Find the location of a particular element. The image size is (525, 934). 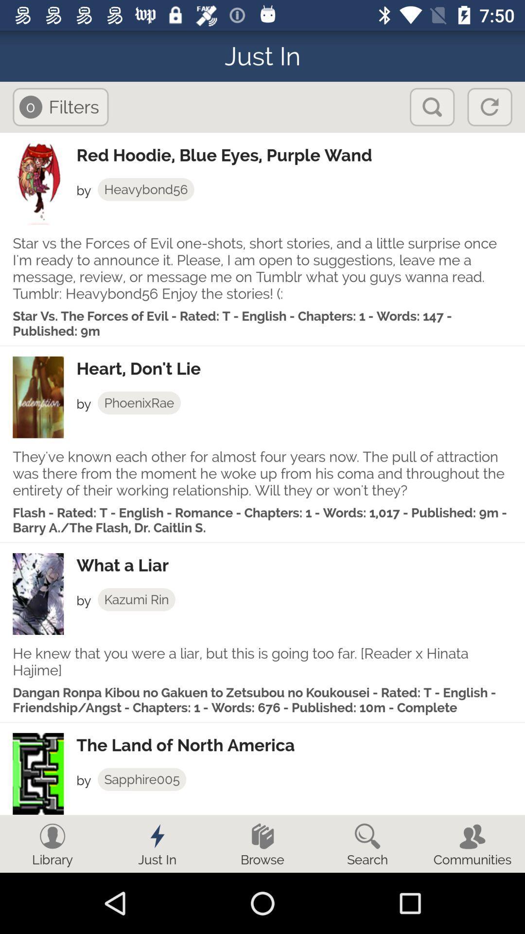

they ve known item is located at coordinates (262, 473).